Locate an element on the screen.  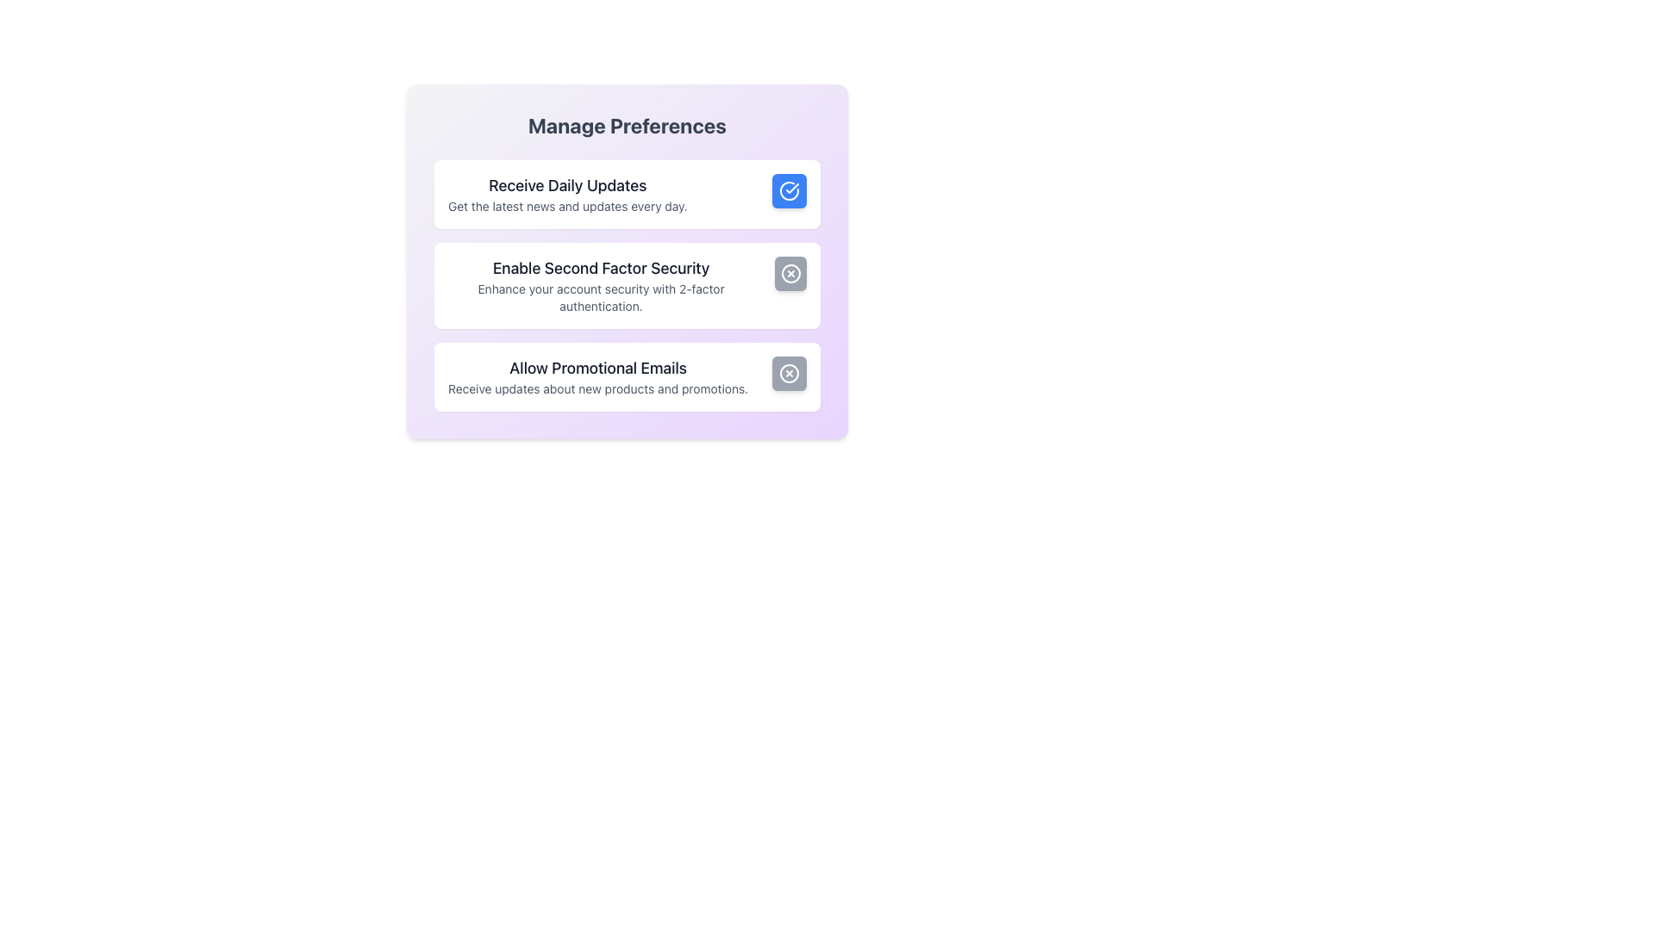
descriptive text for the promotional email toggle option located at the bottom of the preferences section is located at coordinates (627, 376).